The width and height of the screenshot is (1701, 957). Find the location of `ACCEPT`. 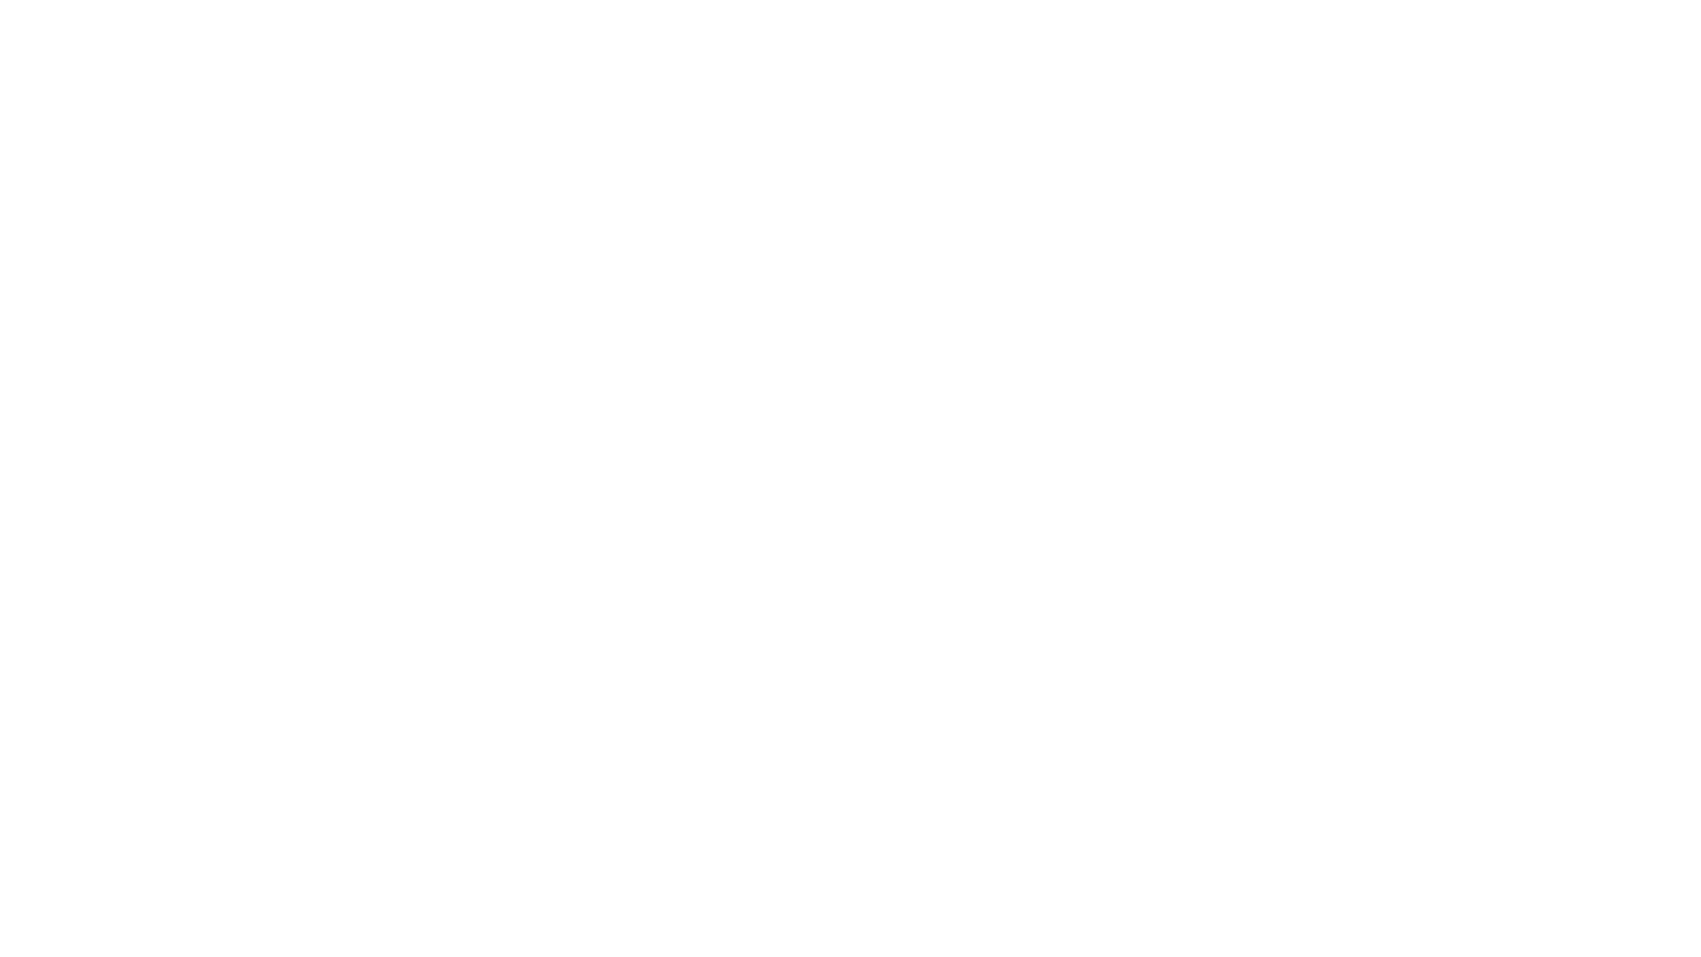

ACCEPT is located at coordinates (849, 546).